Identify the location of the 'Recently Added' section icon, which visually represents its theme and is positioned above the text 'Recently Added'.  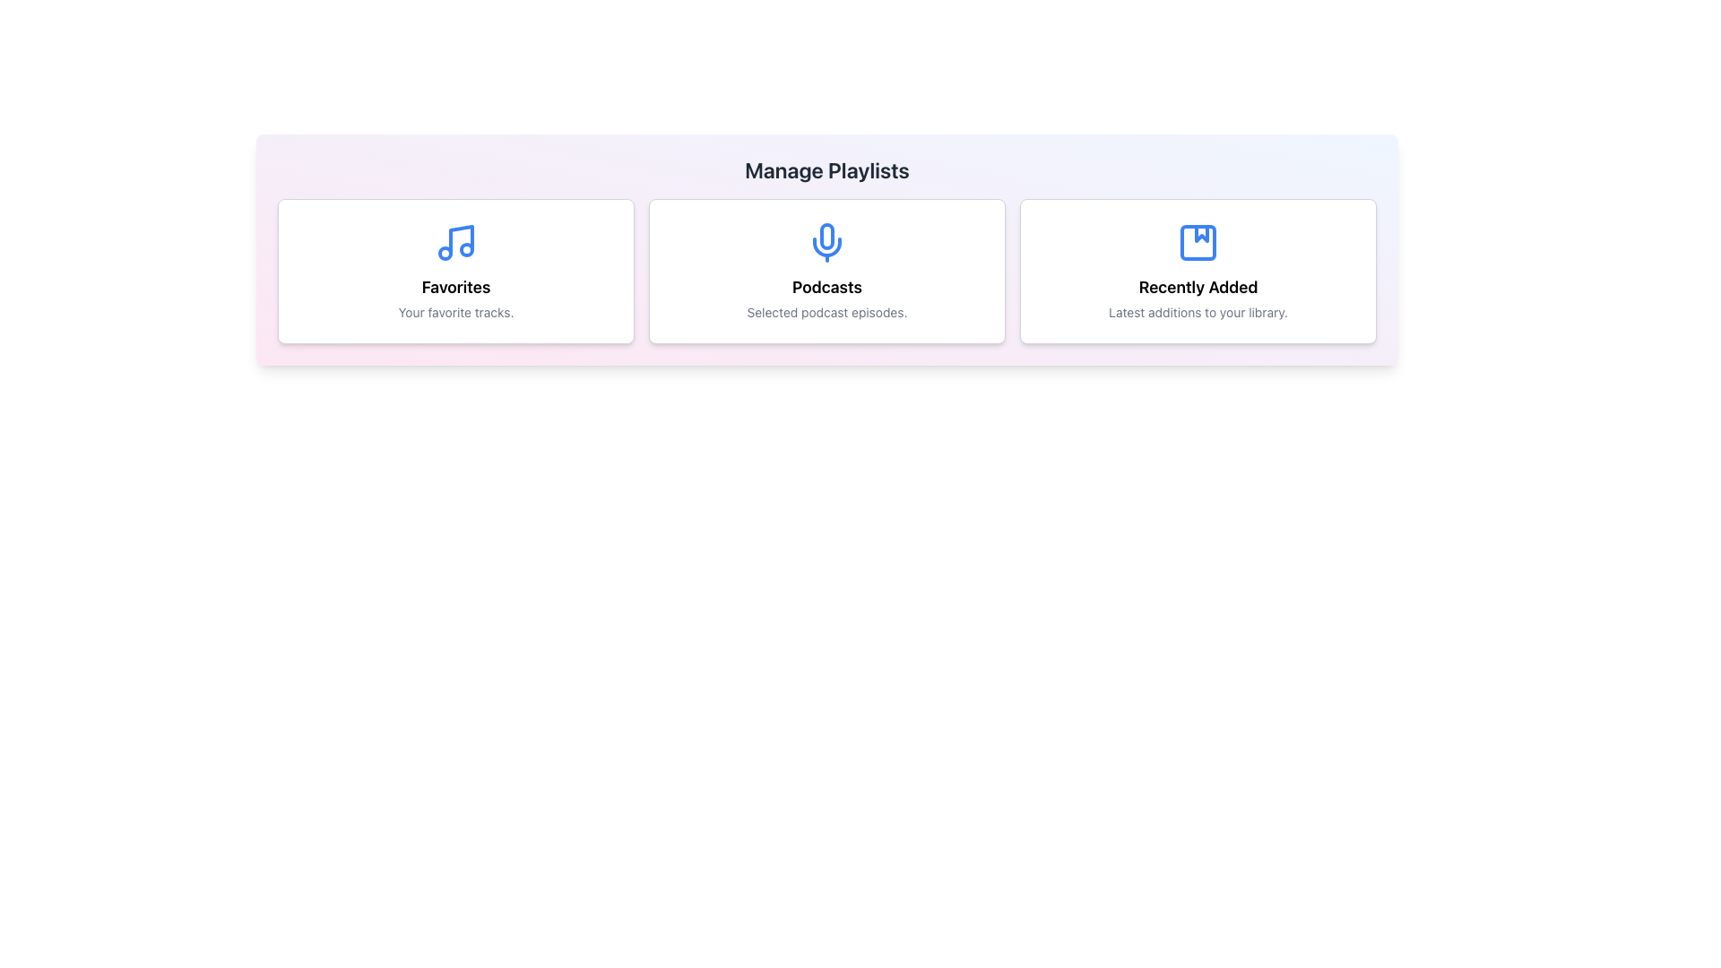
(1198, 242).